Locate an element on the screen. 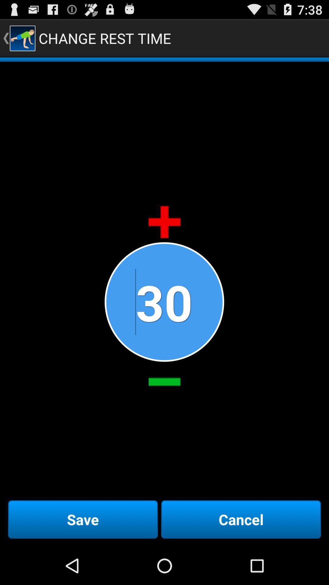  the minus icon is located at coordinates (164, 409).